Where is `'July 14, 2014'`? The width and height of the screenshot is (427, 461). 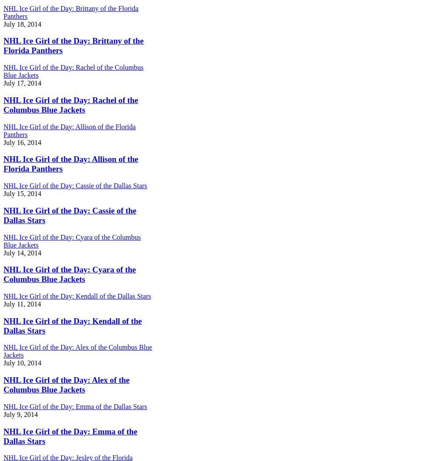 'July 14, 2014' is located at coordinates (22, 252).